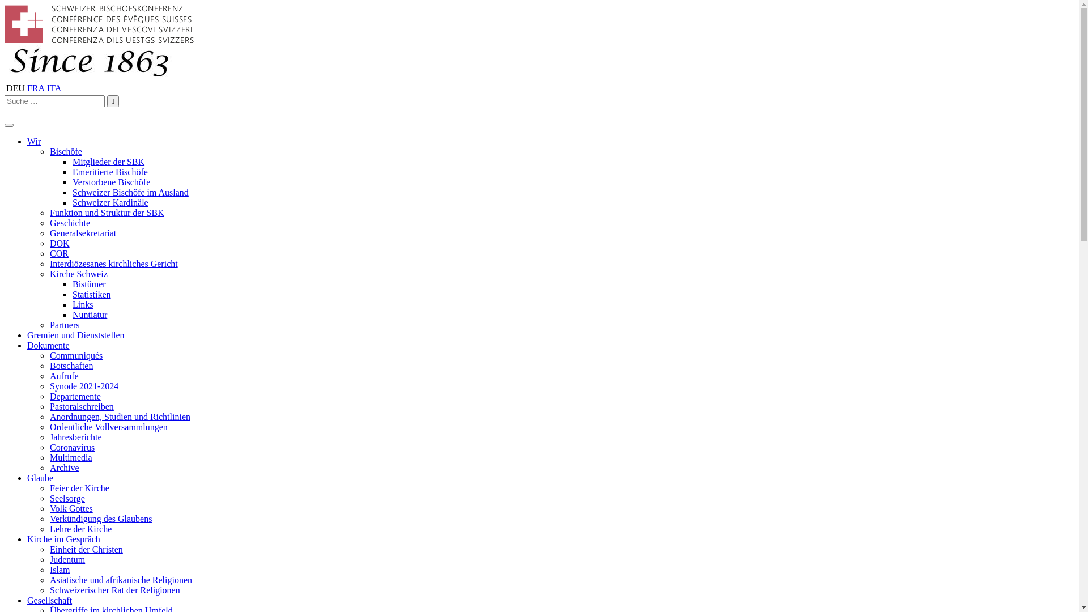 The image size is (1088, 612). What do you see at coordinates (3, 4) in the screenshot?
I see `'Zum Inhalt springen'` at bounding box center [3, 4].